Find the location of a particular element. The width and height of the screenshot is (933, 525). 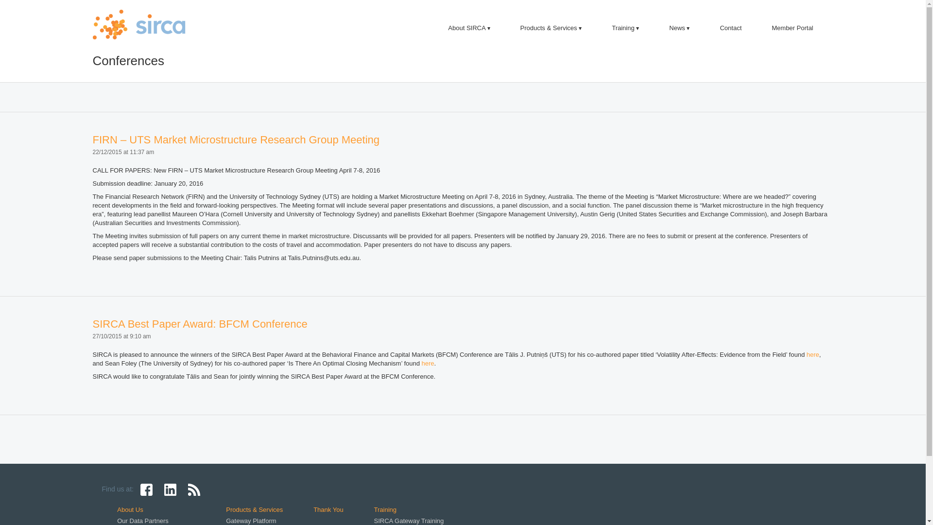

'SIRCA Best Paper Award: BFCM Conference' is located at coordinates (199, 324).